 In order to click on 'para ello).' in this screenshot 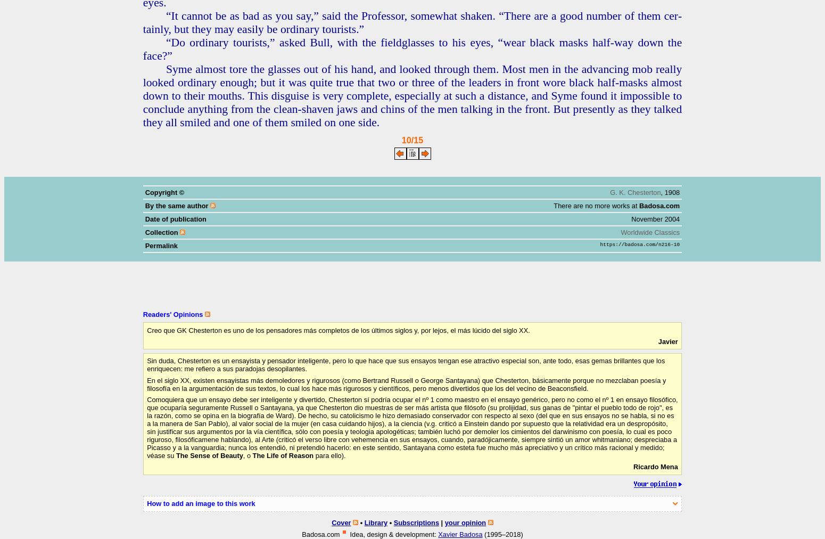, I will do `click(329, 454)`.